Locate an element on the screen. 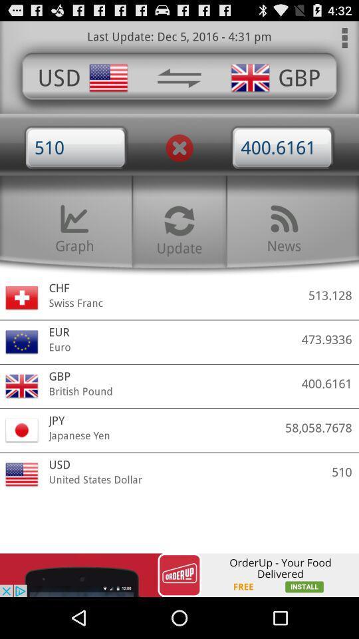 This screenshot has width=359, height=639. reverse translation is located at coordinates (179, 78).